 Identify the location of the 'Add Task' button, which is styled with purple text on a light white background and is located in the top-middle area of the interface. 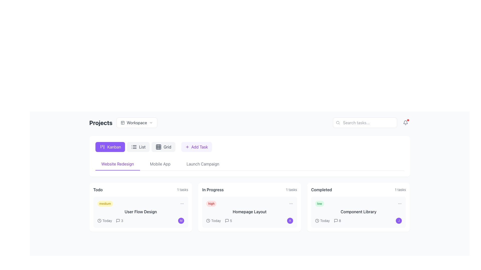
(199, 146).